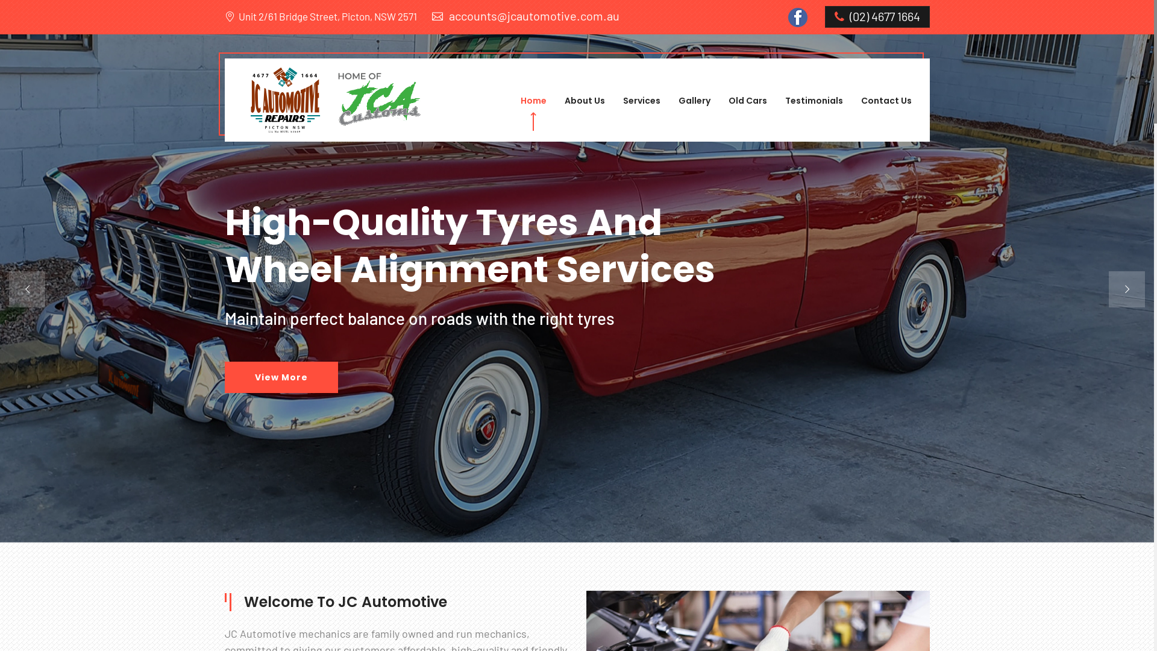  Describe the element at coordinates (876, 16) in the screenshot. I see `'(02) 4677 1664'` at that location.